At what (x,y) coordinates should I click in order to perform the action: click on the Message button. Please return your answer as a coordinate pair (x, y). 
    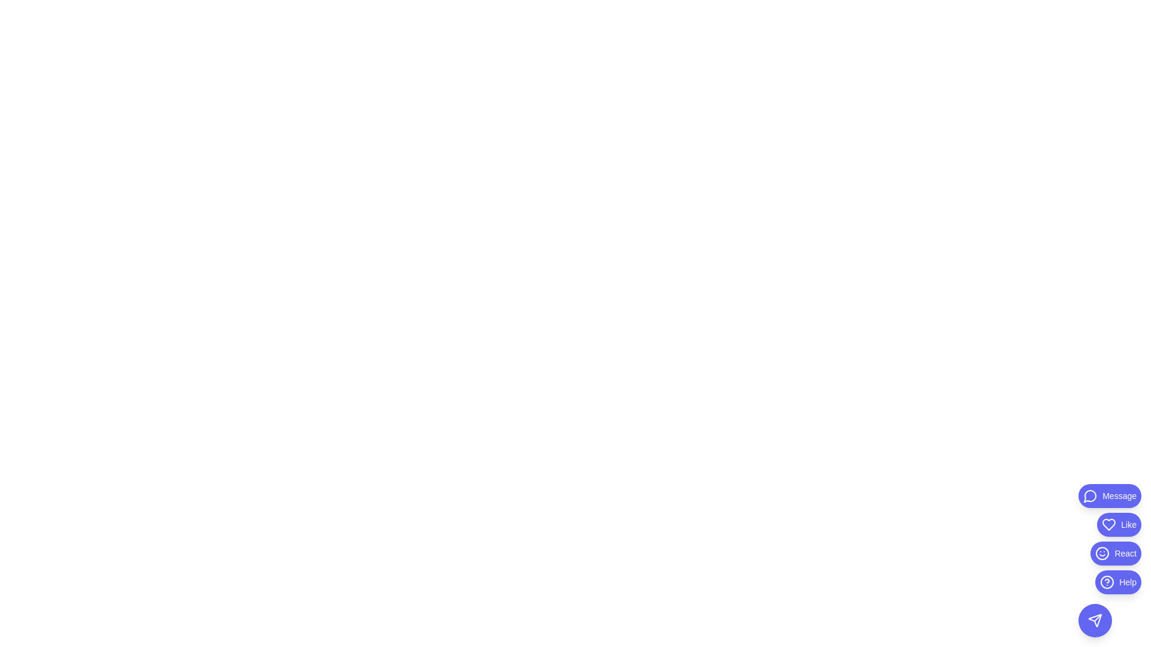
    Looking at the image, I should click on (1109, 496).